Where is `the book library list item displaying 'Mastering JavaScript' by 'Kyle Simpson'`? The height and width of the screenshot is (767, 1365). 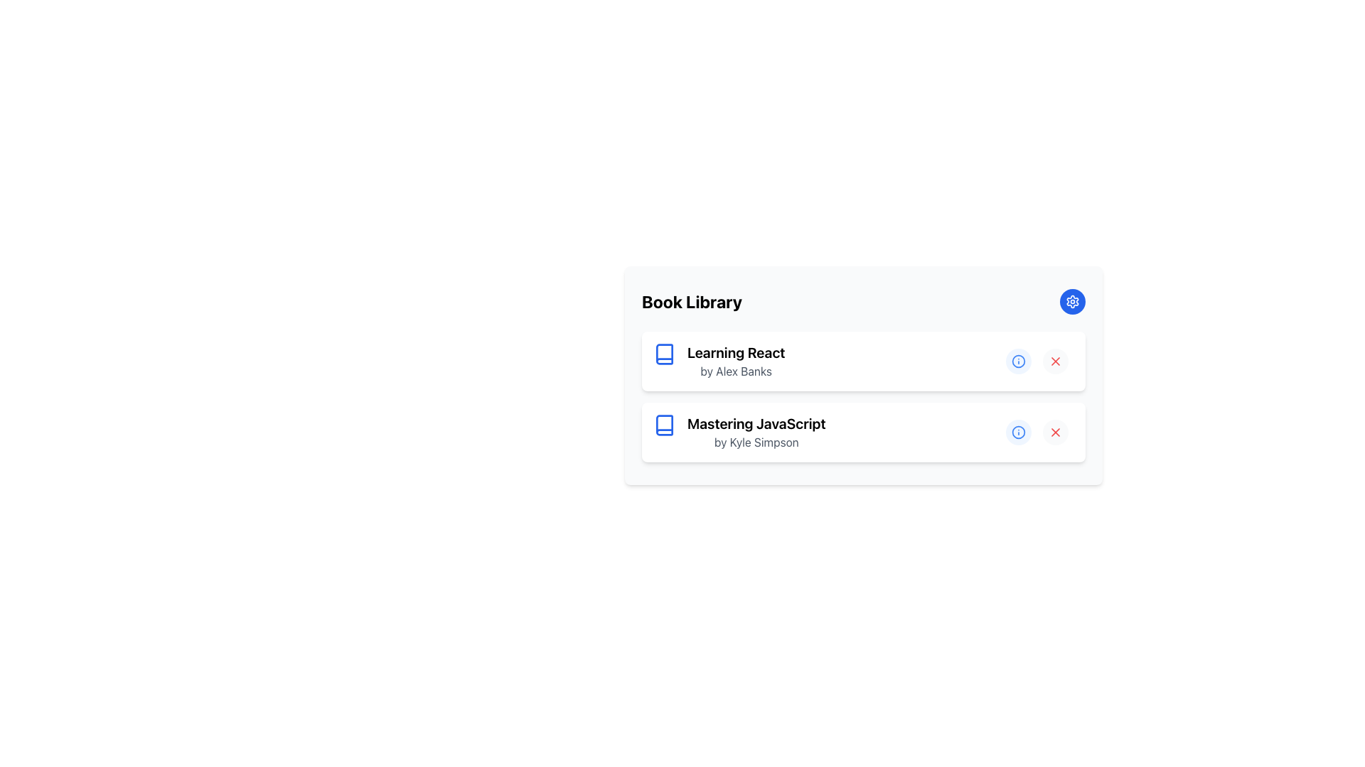
the book library list item displaying 'Mastering JavaScript' by 'Kyle Simpson' is located at coordinates (739, 432).